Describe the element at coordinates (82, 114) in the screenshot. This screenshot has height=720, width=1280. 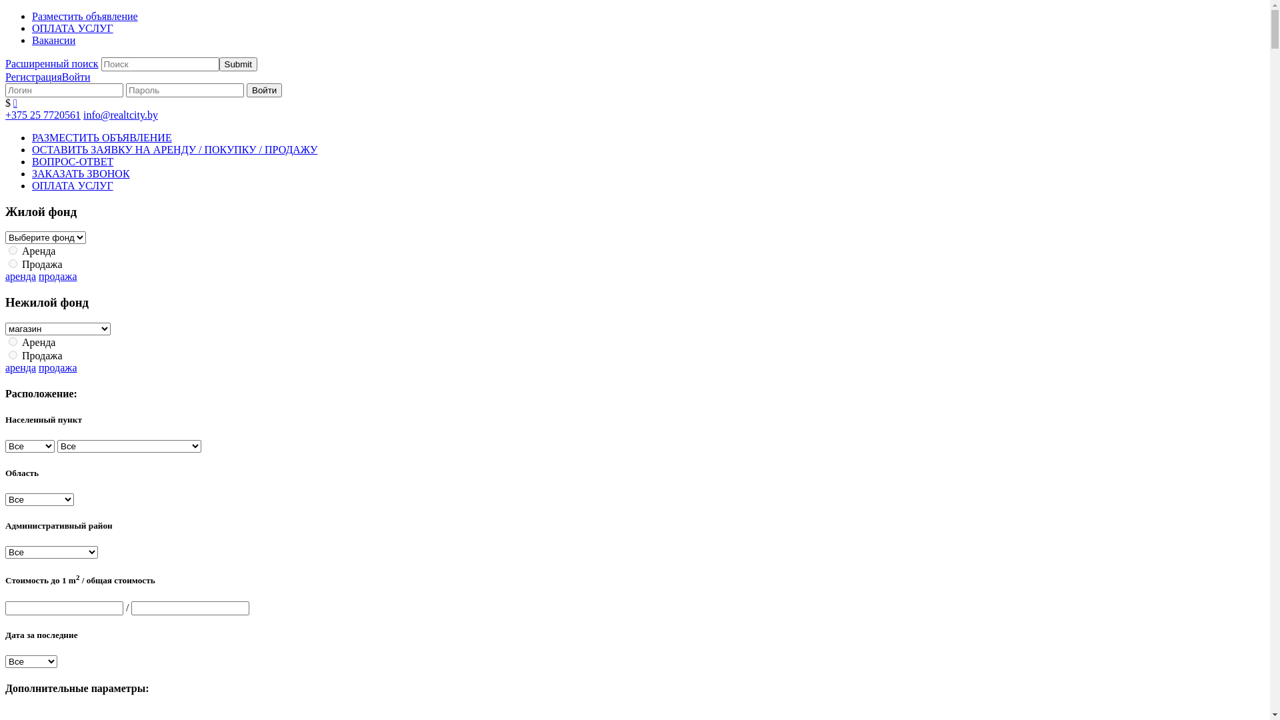
I see `'info@realtcity.by'` at that location.